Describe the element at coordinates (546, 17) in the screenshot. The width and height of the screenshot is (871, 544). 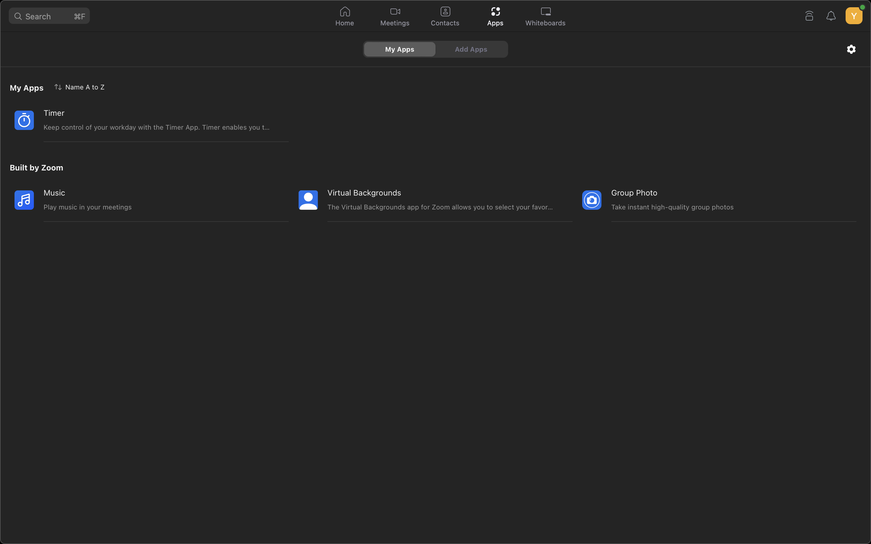
I see `Activate the whiteboard application` at that location.